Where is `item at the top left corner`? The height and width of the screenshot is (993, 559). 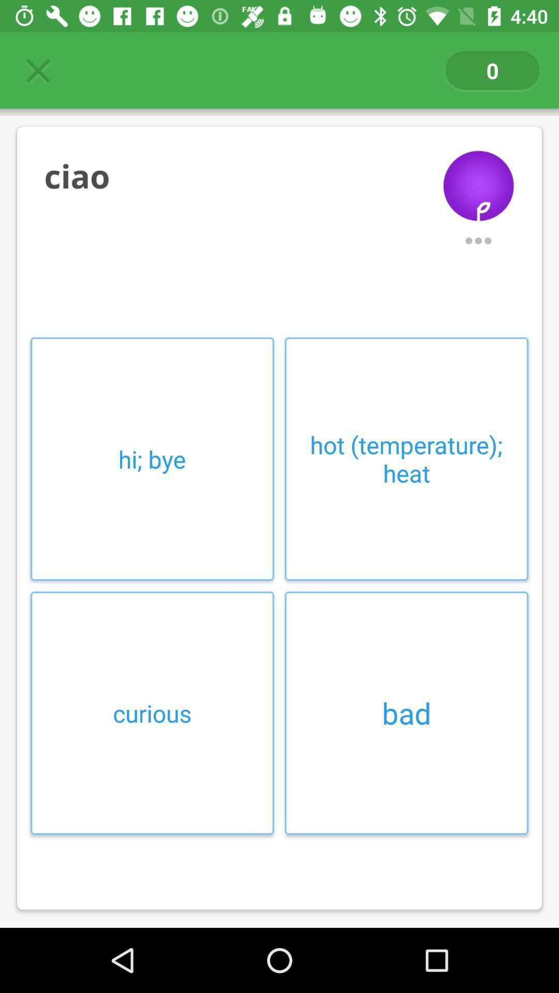
item at the top left corner is located at coordinates (37, 70).